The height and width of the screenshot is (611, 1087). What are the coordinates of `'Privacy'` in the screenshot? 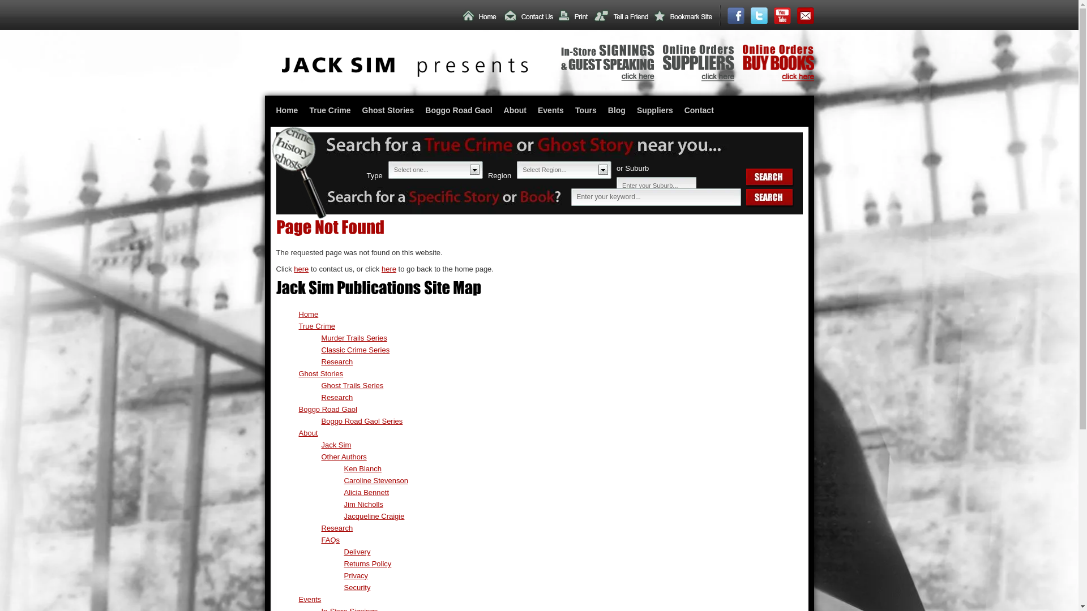 It's located at (356, 575).